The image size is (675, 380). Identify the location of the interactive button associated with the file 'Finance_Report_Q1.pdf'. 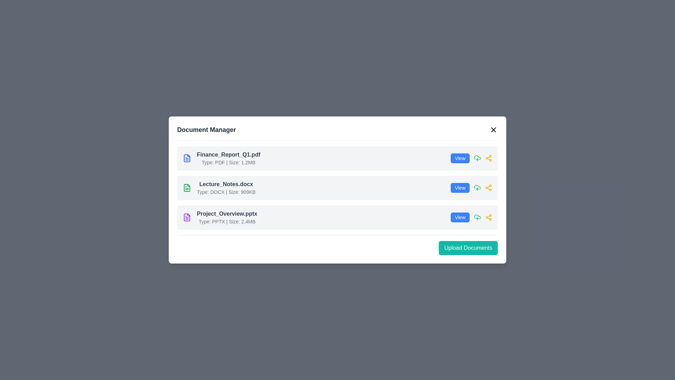
(471, 158).